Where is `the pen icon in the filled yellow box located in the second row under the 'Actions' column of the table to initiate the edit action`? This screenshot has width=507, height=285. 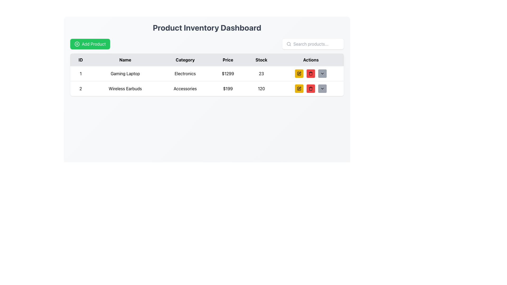
the pen icon in the filled yellow box located in the second row under the 'Actions' column of the table to initiate the edit action is located at coordinates (300, 88).